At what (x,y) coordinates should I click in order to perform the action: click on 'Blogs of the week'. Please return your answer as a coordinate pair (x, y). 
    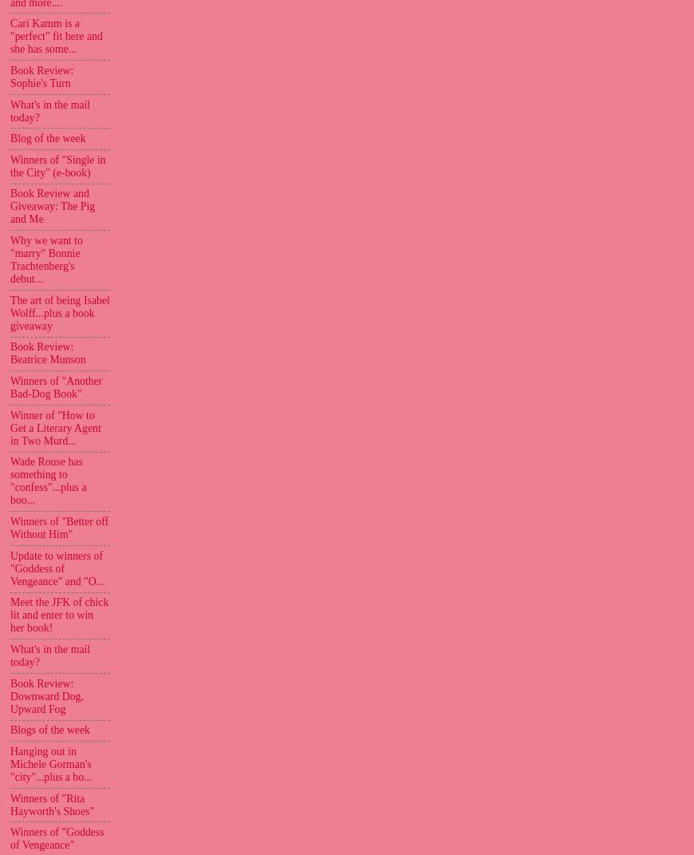
    Looking at the image, I should click on (49, 730).